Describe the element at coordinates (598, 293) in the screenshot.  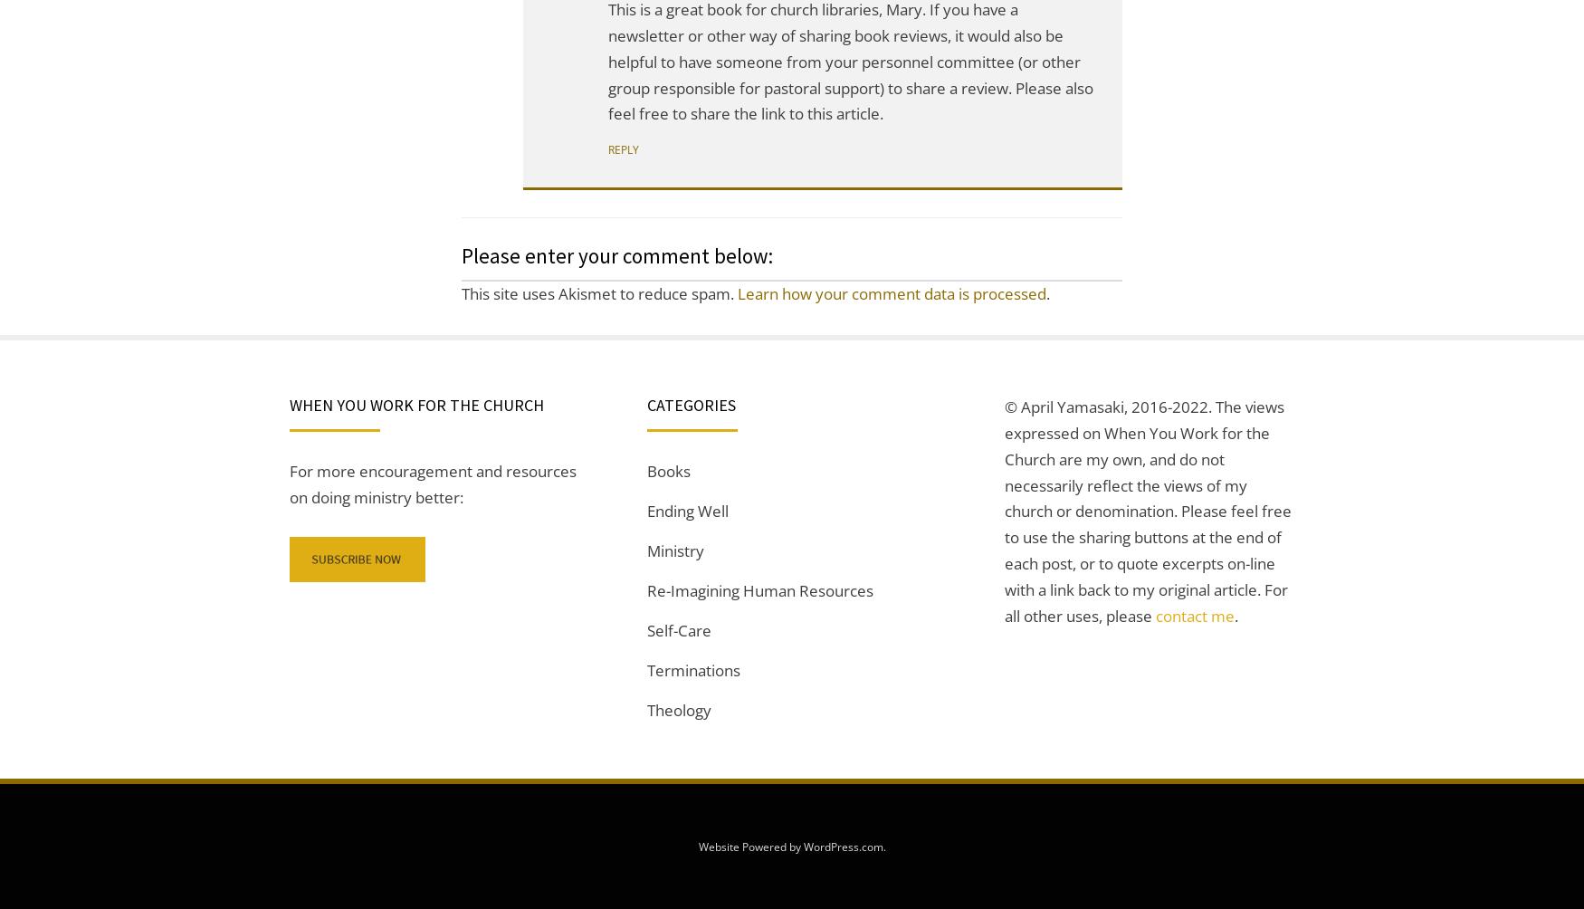
I see `'This site uses Akismet to reduce spam.'` at that location.